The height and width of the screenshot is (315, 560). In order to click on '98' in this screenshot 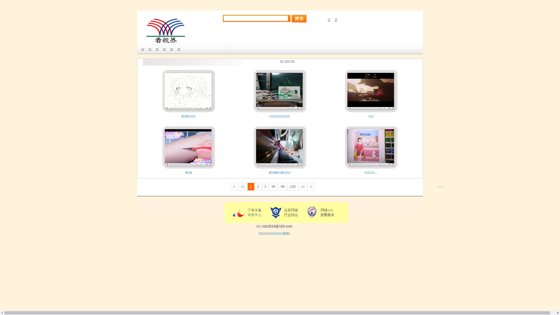, I will do `click(273, 187)`.